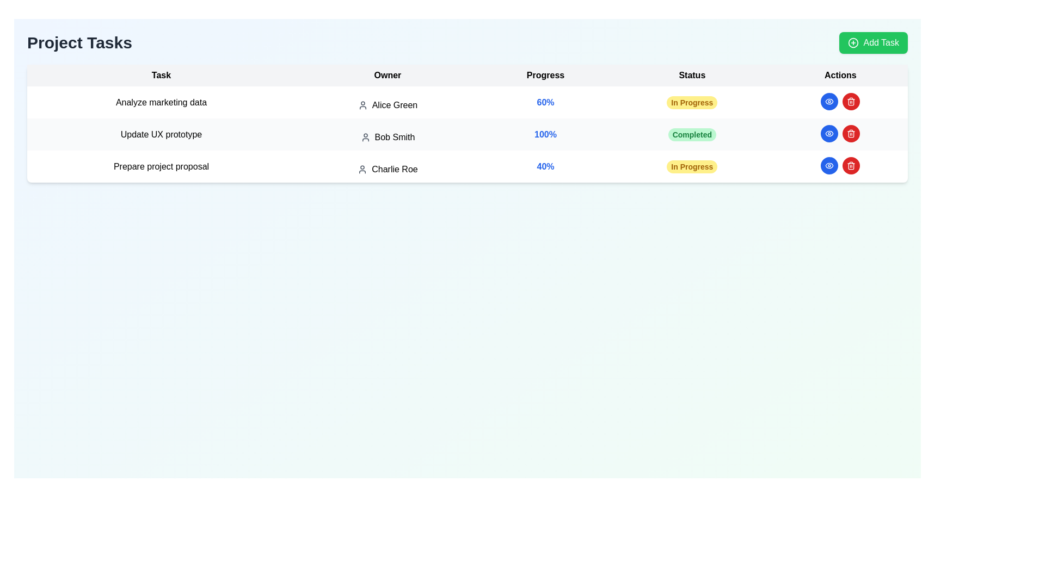 This screenshot has height=587, width=1045. I want to click on the red trash can button in the Actions column associated with the task 'Prepare project proposal', so click(840, 165).